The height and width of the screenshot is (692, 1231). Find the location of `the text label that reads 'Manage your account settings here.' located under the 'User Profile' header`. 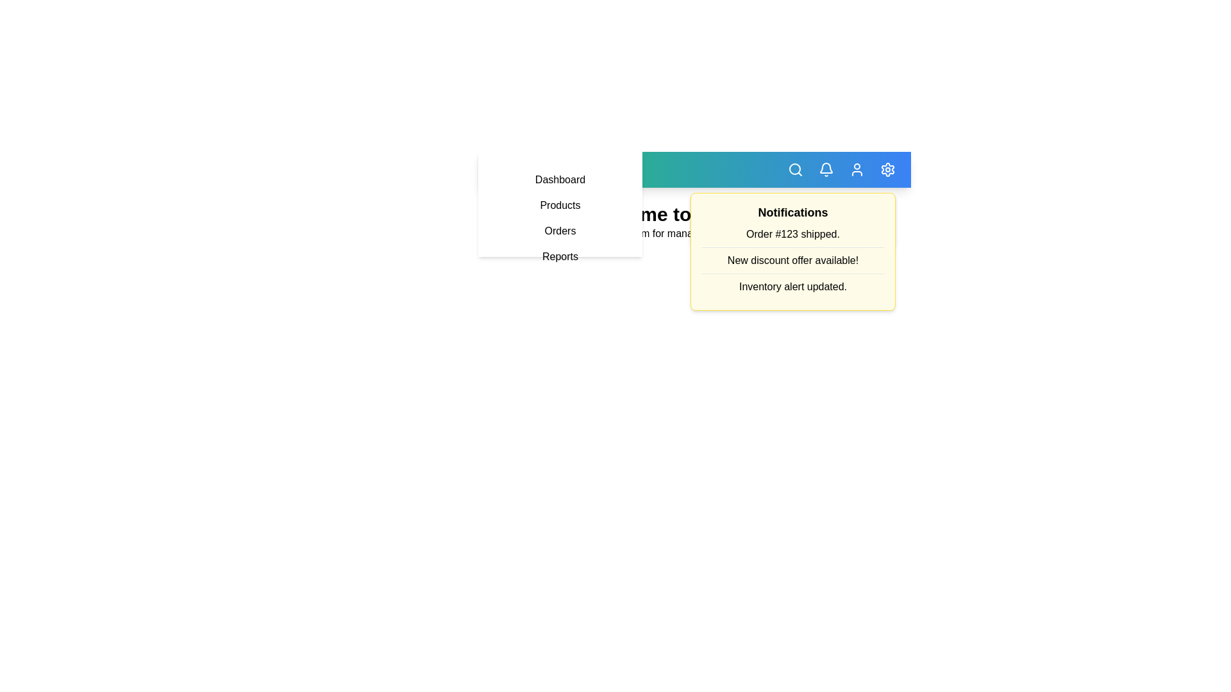

the text label that reads 'Manage your account settings here.' located under the 'User Profile' header is located at coordinates (792, 229).